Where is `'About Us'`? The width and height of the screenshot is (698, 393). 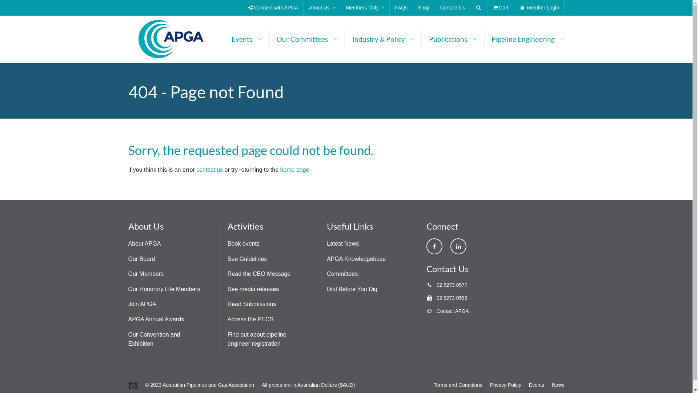
'About Us' is located at coordinates (322, 8).